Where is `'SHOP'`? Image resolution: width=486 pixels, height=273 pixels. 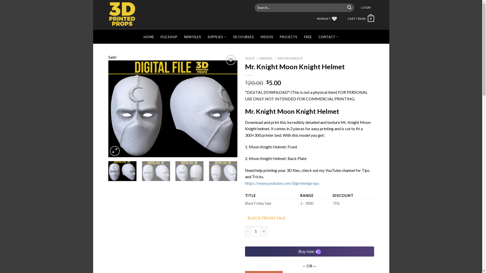 'SHOP' is located at coordinates (245, 58).